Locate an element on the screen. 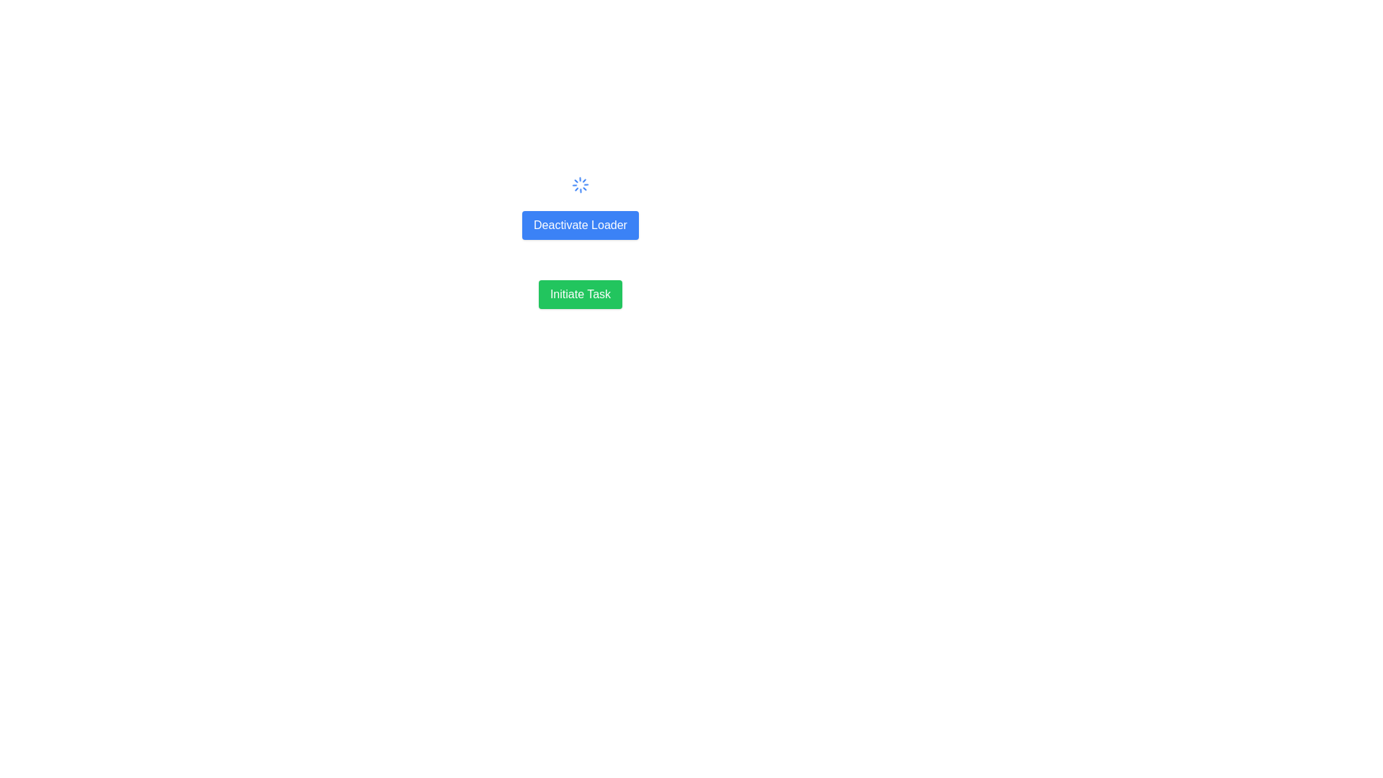  the Loader Spinner, which indicates a process or operation in progress and is centrally aligned above the 'Deactivate Loader' button is located at coordinates (581, 190).